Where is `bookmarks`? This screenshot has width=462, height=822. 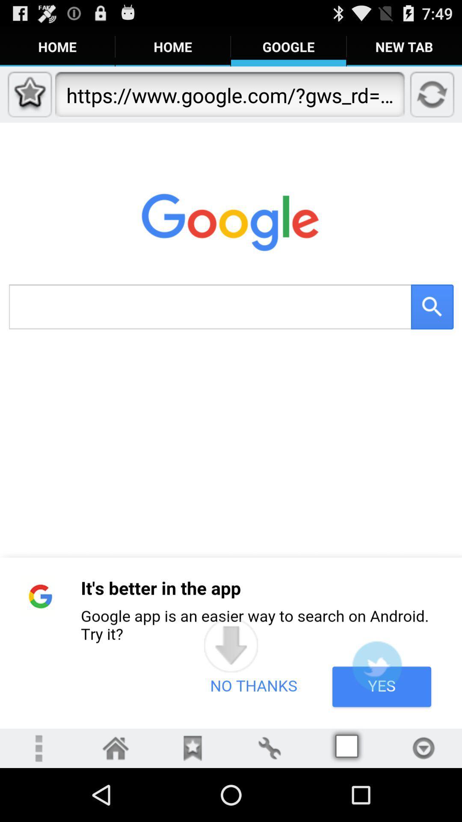 bookmarks is located at coordinates (192, 748).